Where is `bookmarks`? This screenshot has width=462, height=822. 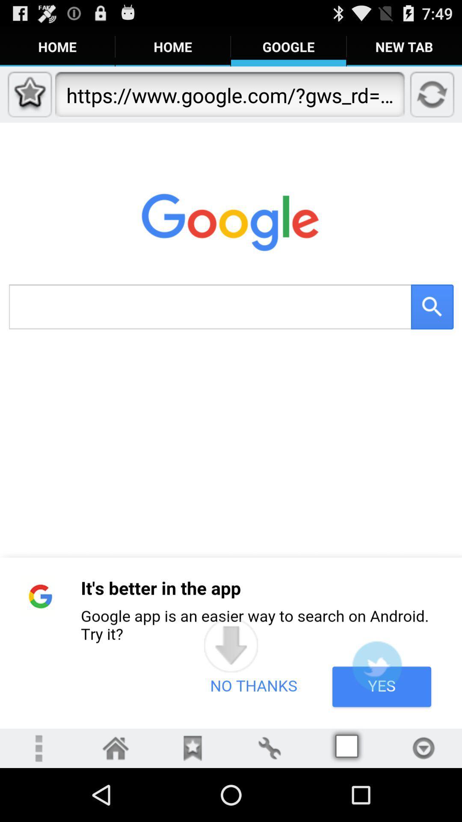 bookmarks is located at coordinates (192, 748).